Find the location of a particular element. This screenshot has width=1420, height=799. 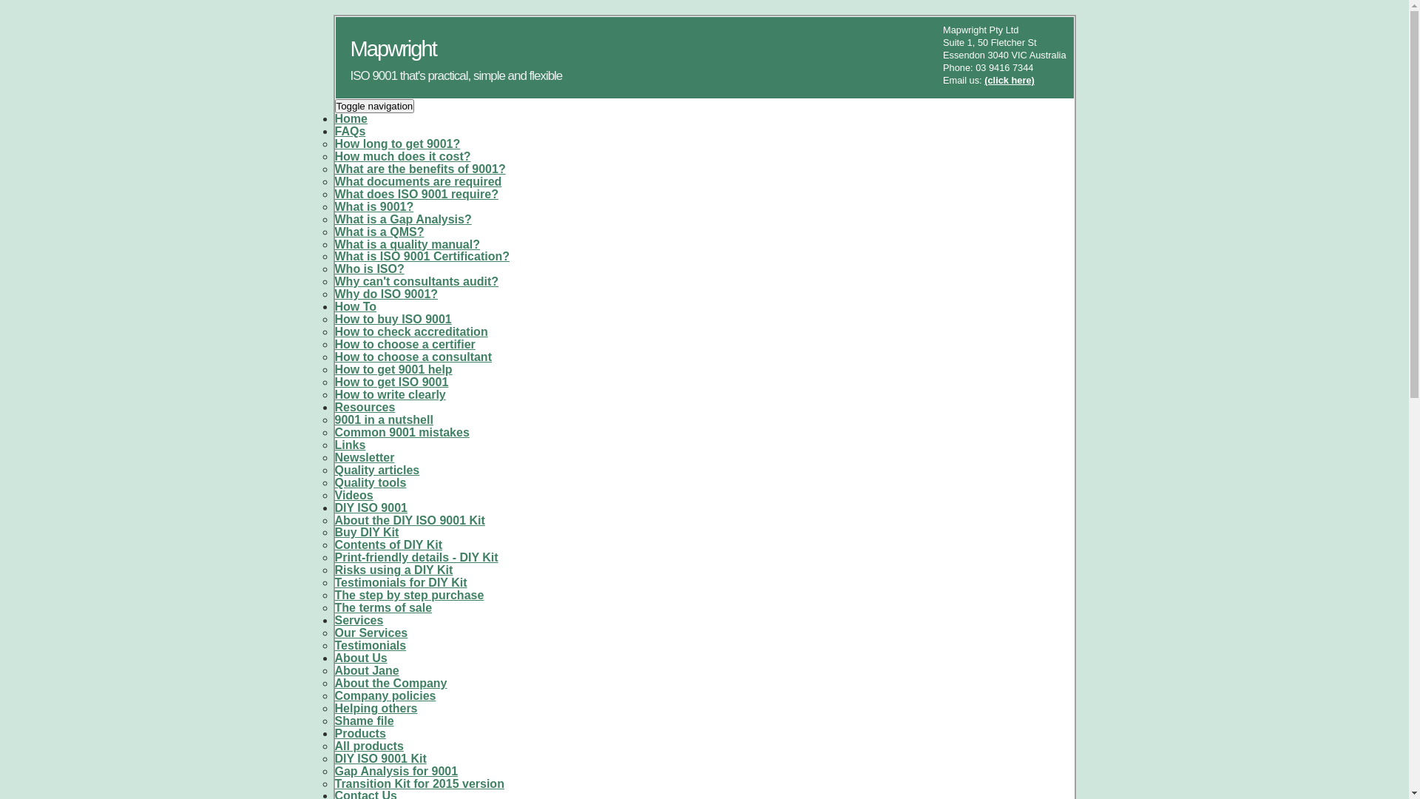

'Contents of DIY Kit' is located at coordinates (388, 545).